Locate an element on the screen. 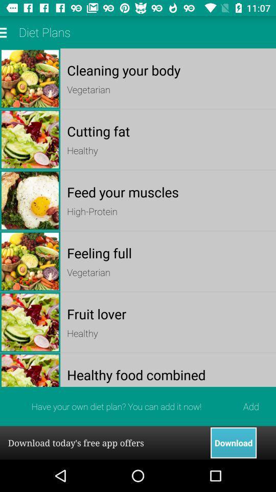 The height and width of the screenshot is (492, 276). the icon above the vegetarian is located at coordinates (168, 252).